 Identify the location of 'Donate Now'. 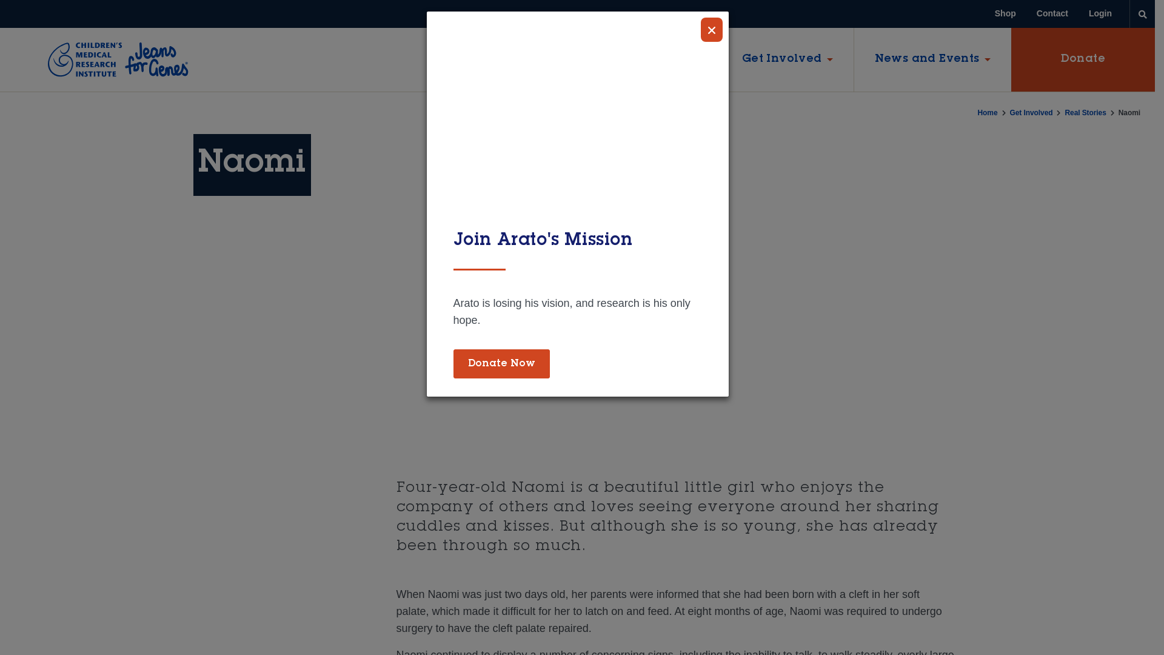
(501, 363).